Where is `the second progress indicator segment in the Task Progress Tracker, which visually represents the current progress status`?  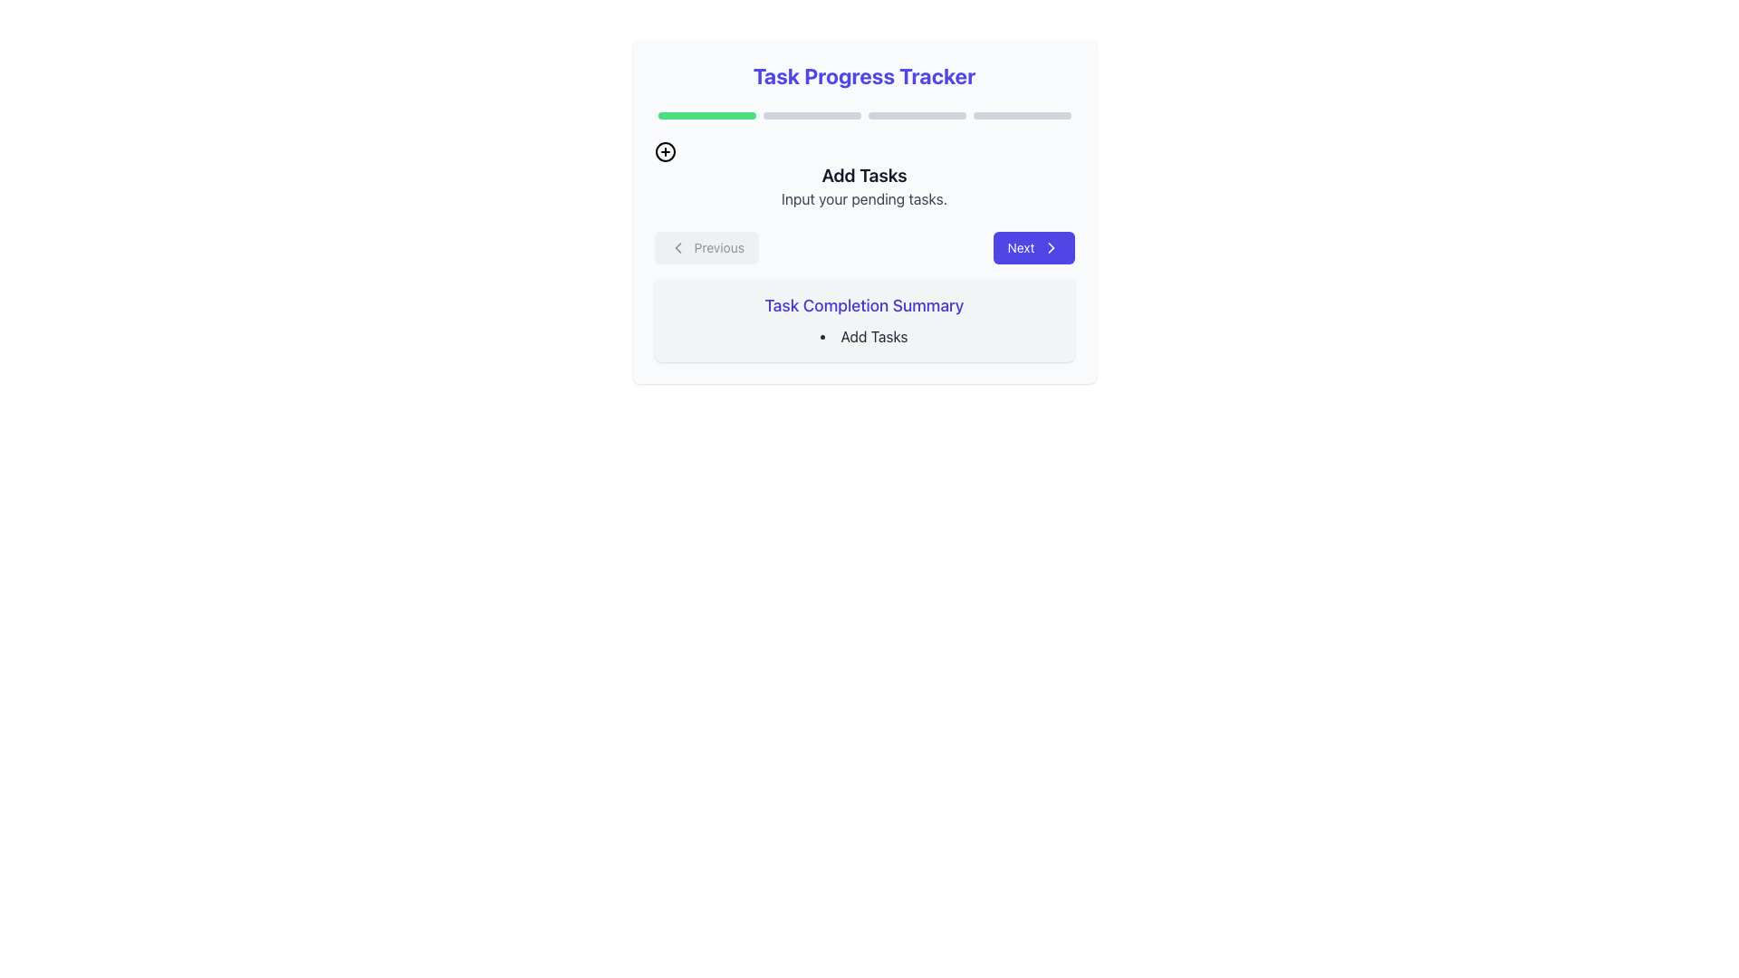 the second progress indicator segment in the Task Progress Tracker, which visually represents the current progress status is located at coordinates (811, 115).